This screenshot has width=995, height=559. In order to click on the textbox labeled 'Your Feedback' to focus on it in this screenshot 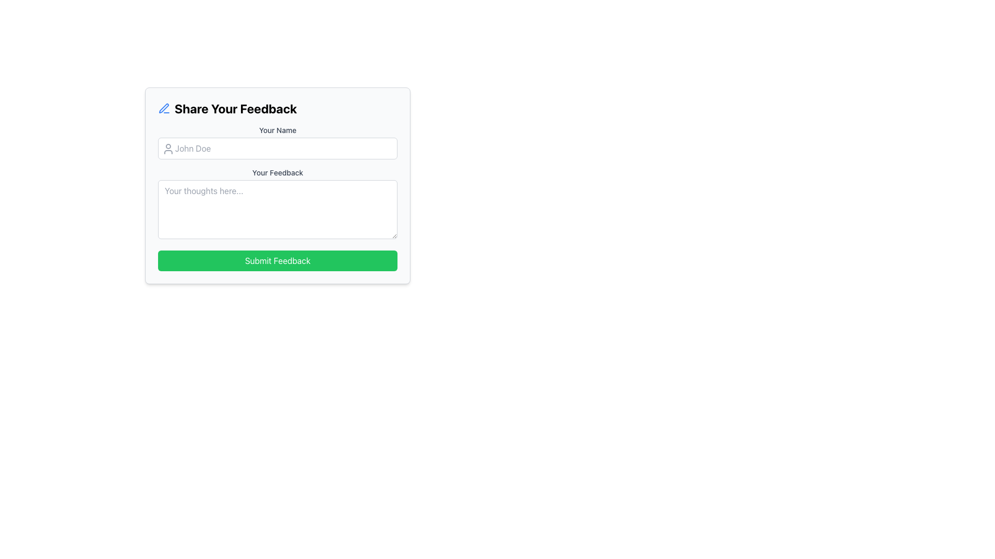, I will do `click(278, 205)`.